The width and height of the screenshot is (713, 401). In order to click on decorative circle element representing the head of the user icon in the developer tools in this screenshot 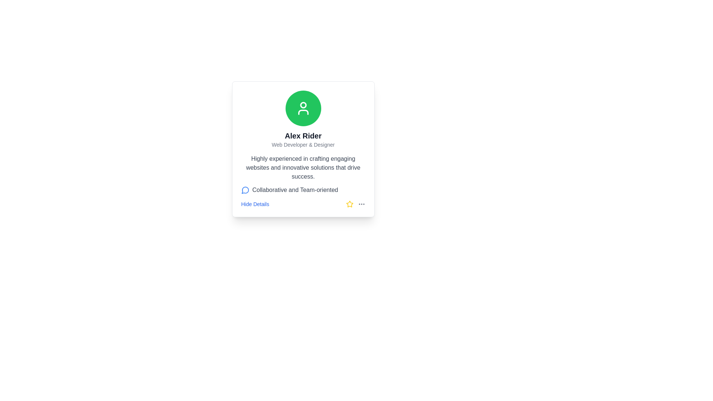, I will do `click(303, 105)`.